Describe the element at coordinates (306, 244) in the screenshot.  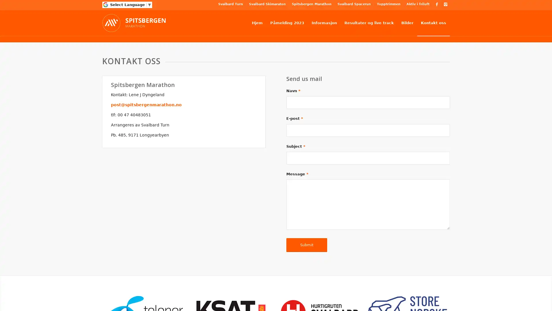
I see `Submit` at that location.